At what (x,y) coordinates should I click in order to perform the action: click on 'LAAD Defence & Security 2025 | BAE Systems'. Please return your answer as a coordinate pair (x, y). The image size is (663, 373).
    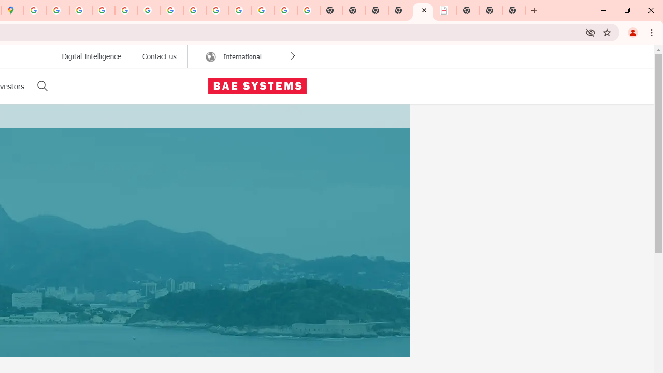
    Looking at the image, I should click on (423, 10).